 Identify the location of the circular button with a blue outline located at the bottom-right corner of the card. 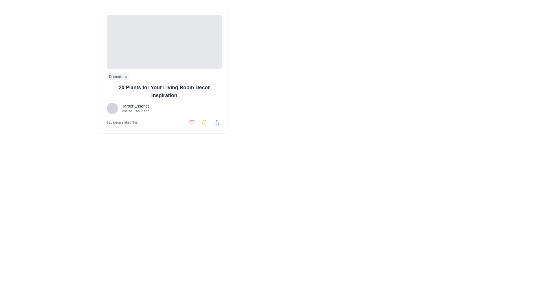
(217, 122).